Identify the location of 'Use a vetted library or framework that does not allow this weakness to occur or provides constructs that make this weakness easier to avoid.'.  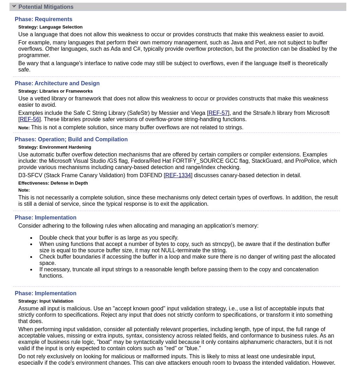
(18, 101).